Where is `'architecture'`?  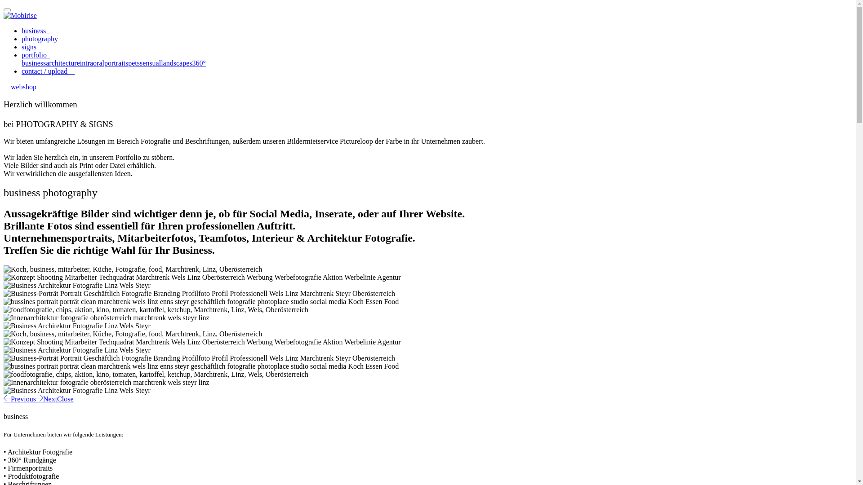
'architecture' is located at coordinates (62, 62).